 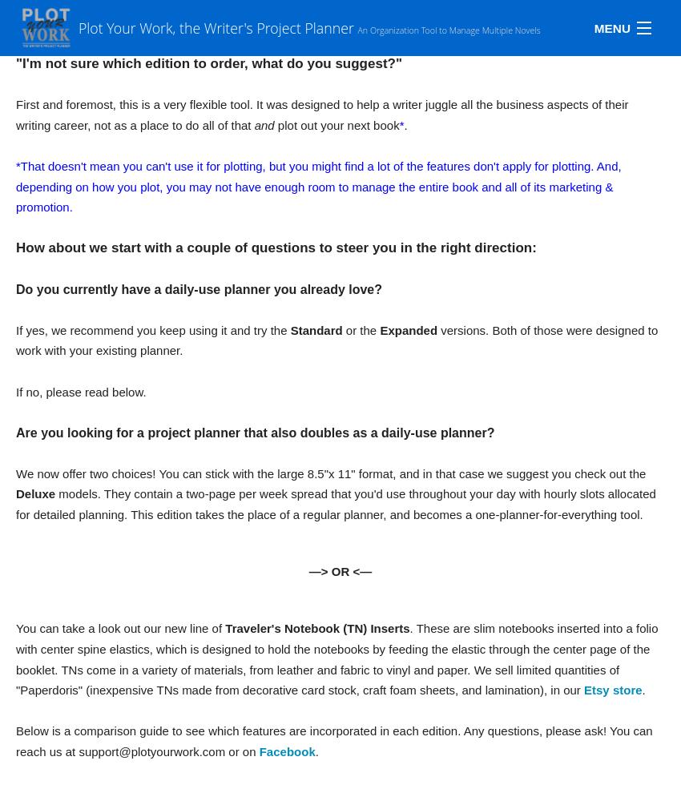 I want to click on 'models. They contain a two-page per week spread that you'd use throughout your day with hourly slots allocated for detailed planning. This edition takes the place of a regular planner, and becomes a one-planner-for-everything tool.', so click(x=335, y=504).